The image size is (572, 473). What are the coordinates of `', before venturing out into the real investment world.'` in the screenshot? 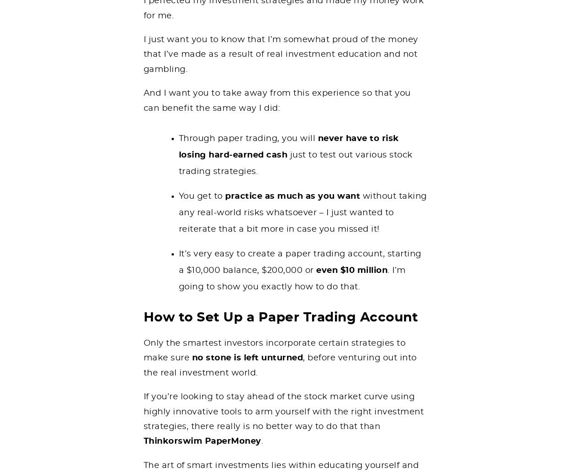 It's located at (143, 365).